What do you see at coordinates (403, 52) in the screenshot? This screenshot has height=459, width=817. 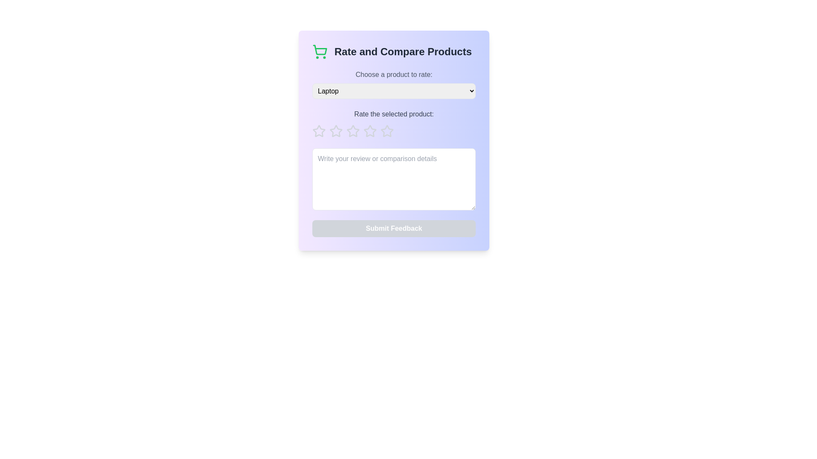 I see `the header text element that indicates the section involves rating and comparing products` at bounding box center [403, 52].